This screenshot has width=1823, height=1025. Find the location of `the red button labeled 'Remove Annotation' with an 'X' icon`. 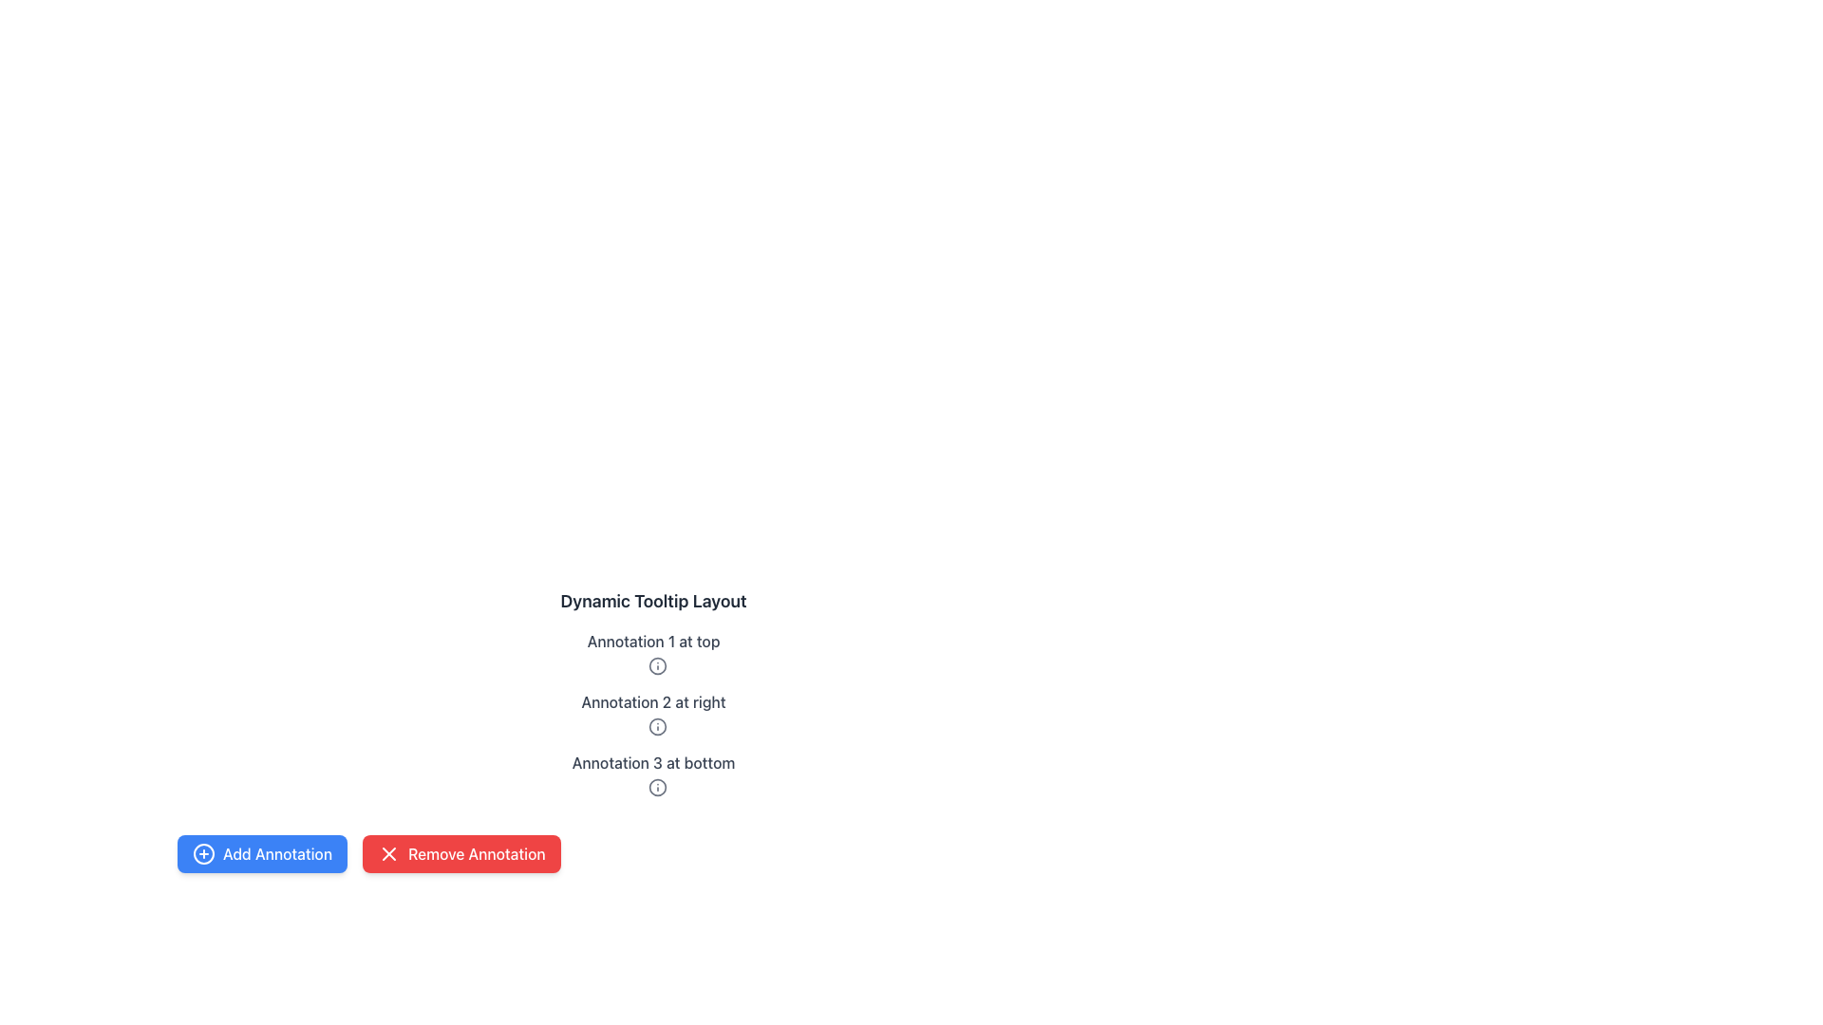

the red button labeled 'Remove Annotation' with an 'X' icon is located at coordinates (461, 852).